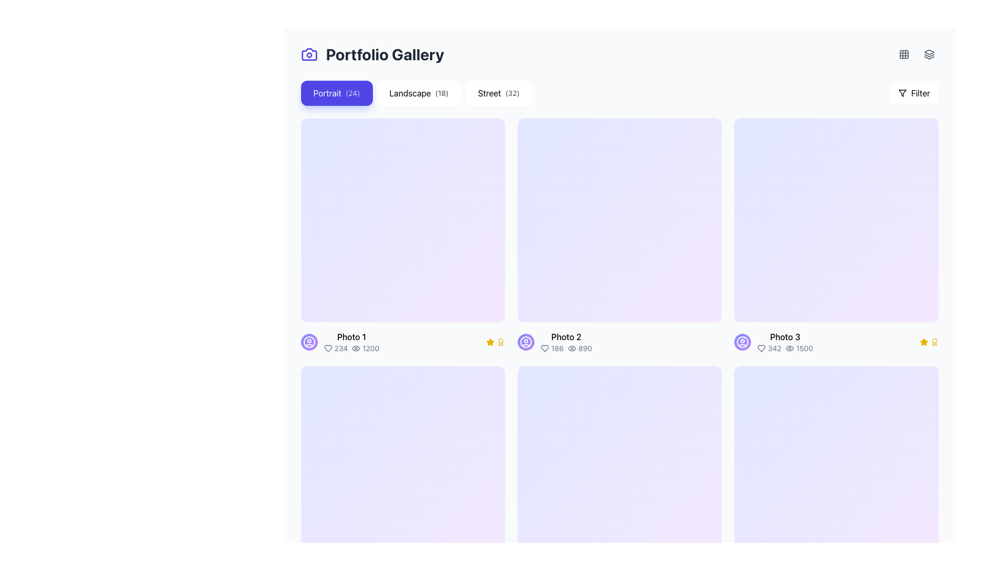 This screenshot has width=1007, height=566. What do you see at coordinates (308, 342) in the screenshot?
I see `the circular graphical icon located in the top-left corner of the 'Photo 1' box` at bounding box center [308, 342].